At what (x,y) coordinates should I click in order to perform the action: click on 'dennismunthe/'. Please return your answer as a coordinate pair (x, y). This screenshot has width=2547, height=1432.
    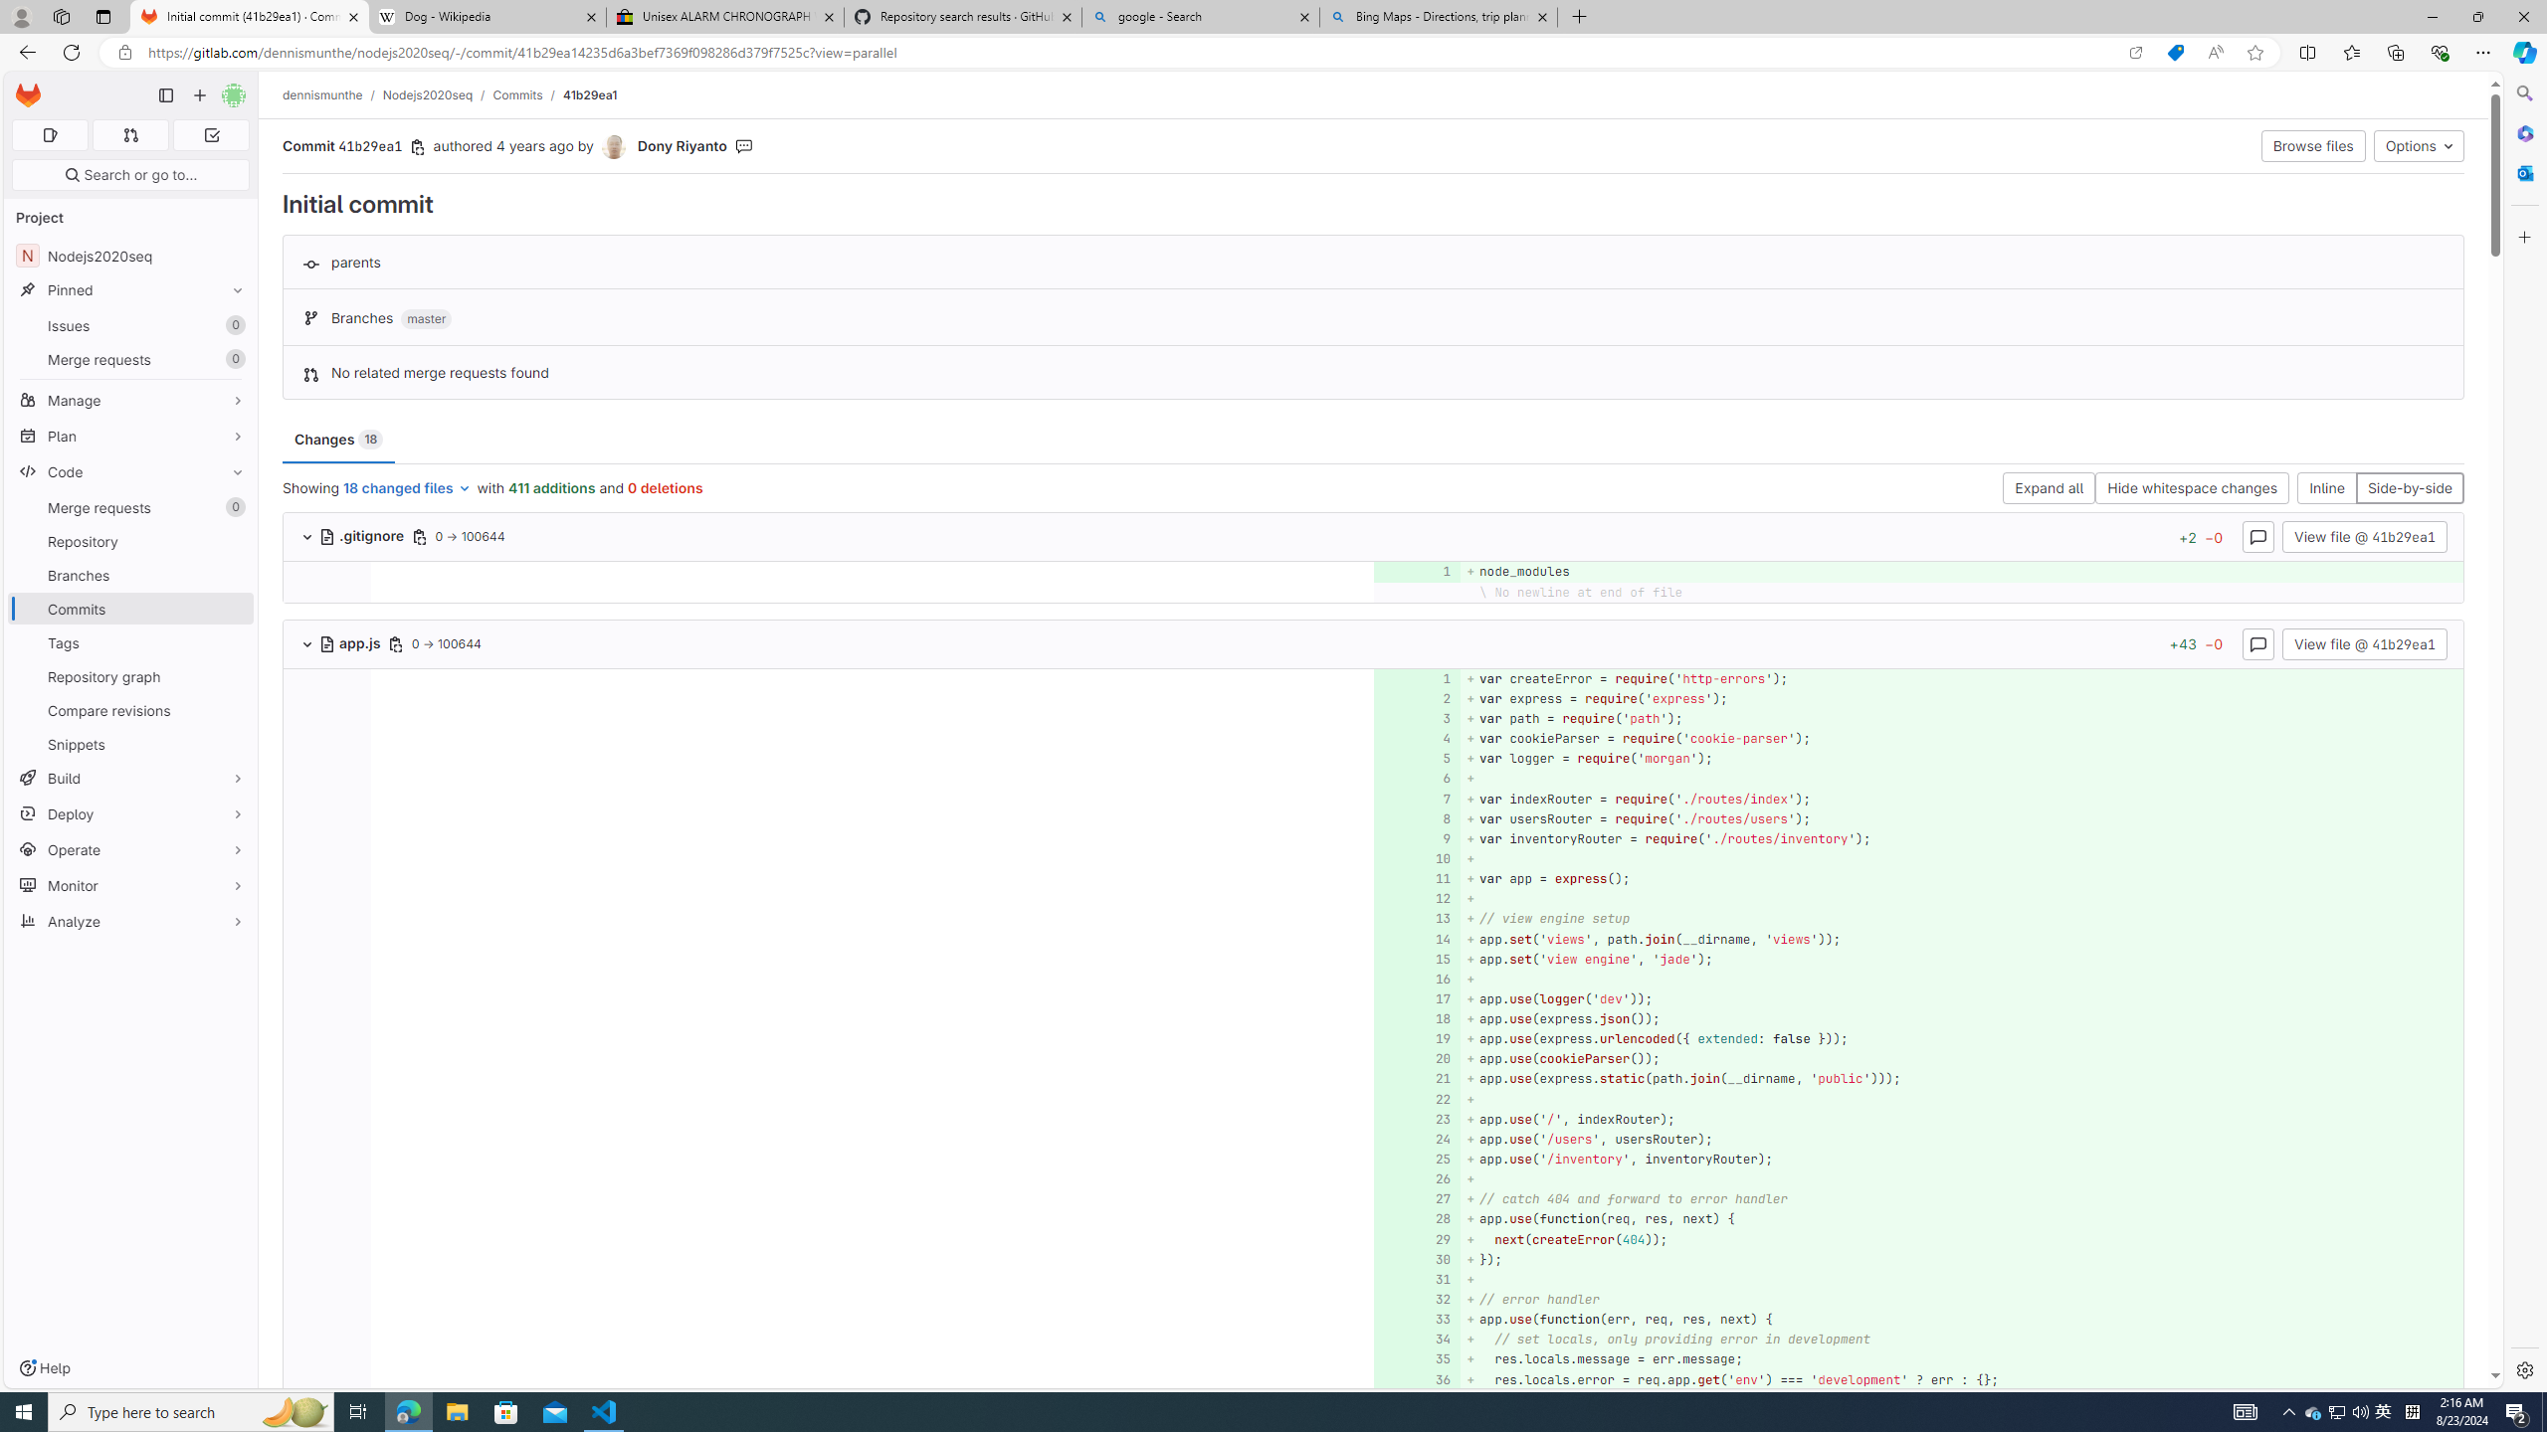
    Looking at the image, I should click on (332, 94).